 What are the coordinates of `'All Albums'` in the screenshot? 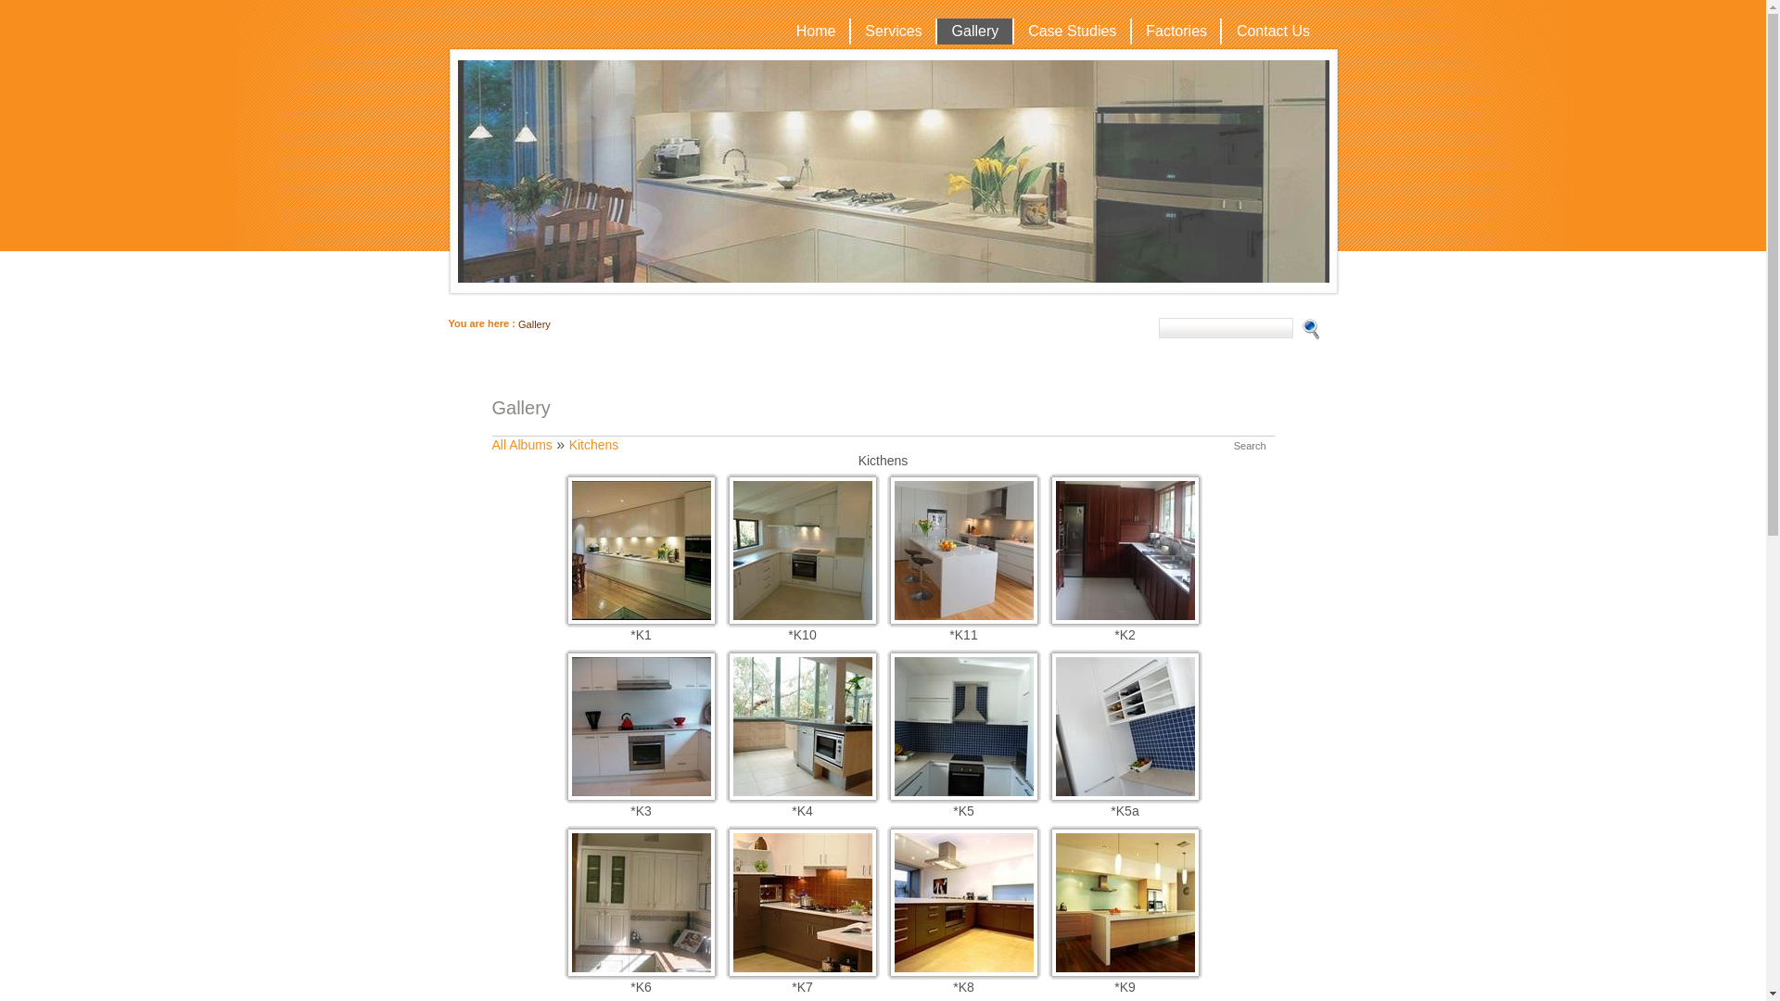 It's located at (520, 444).